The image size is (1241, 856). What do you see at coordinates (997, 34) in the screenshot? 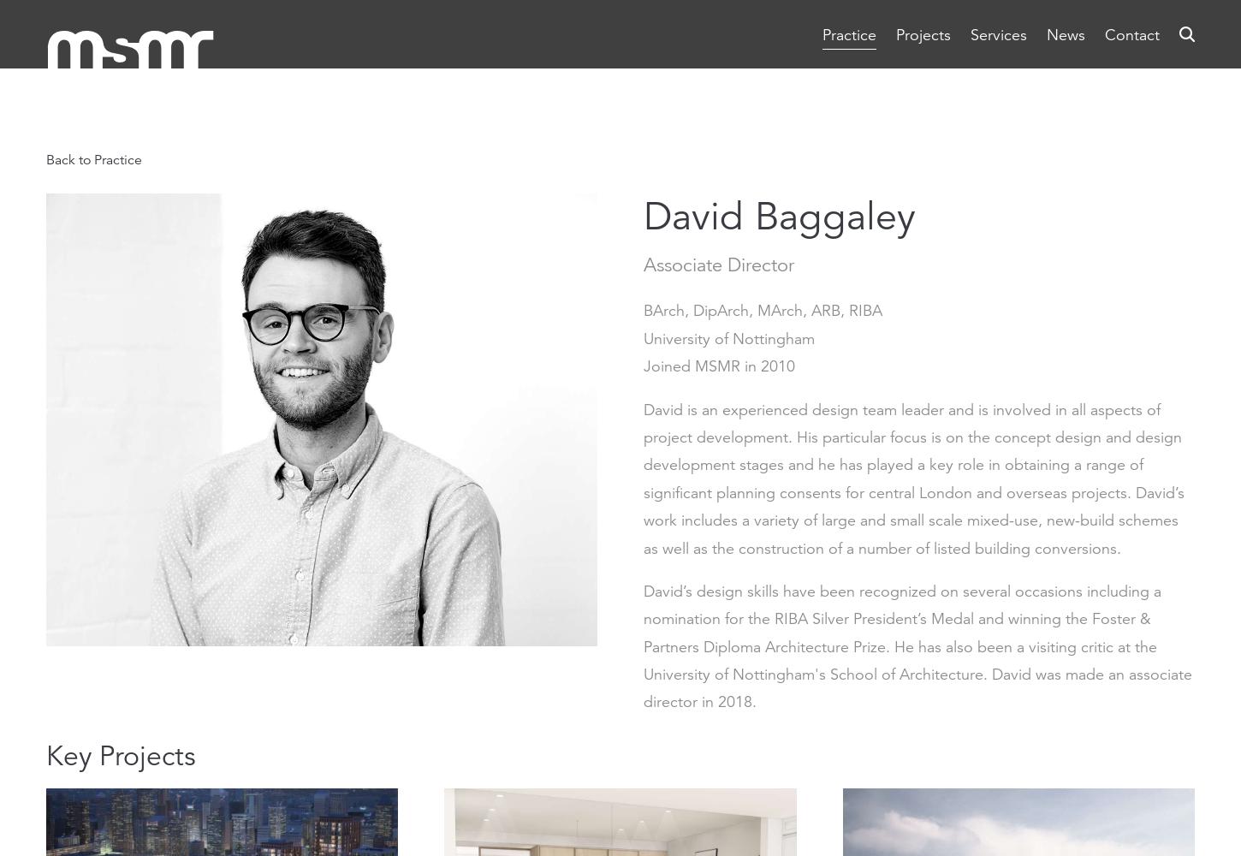
I see `'Services'` at bounding box center [997, 34].